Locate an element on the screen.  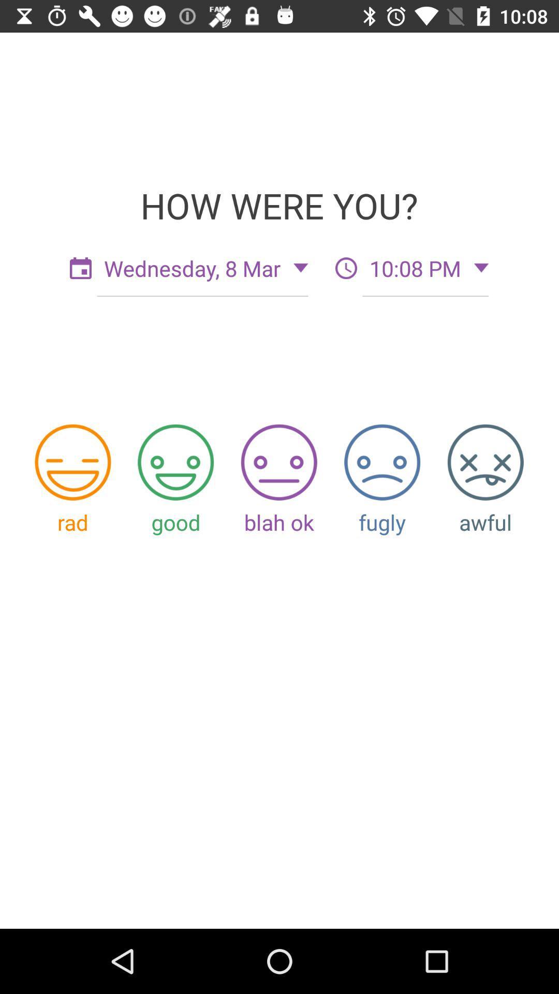
the date_range icon is located at coordinates (80, 268).